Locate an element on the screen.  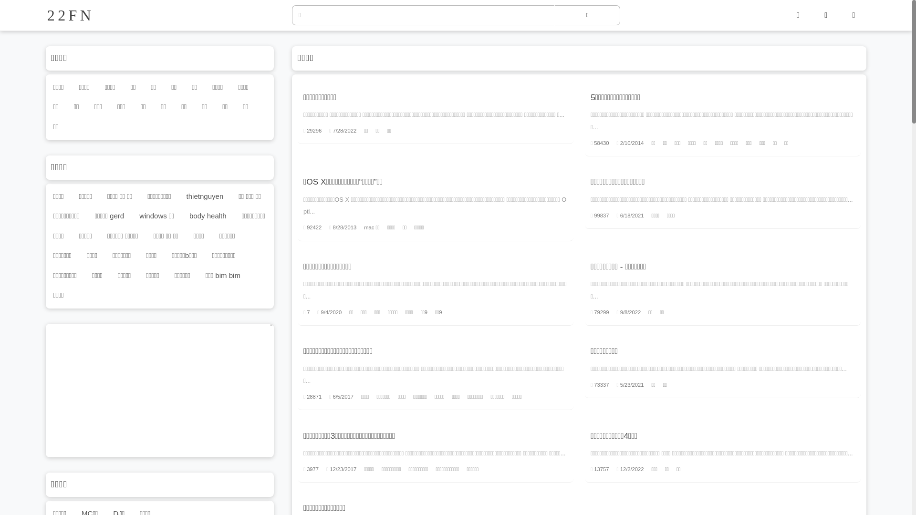
'Advertisement' is located at coordinates (160, 390).